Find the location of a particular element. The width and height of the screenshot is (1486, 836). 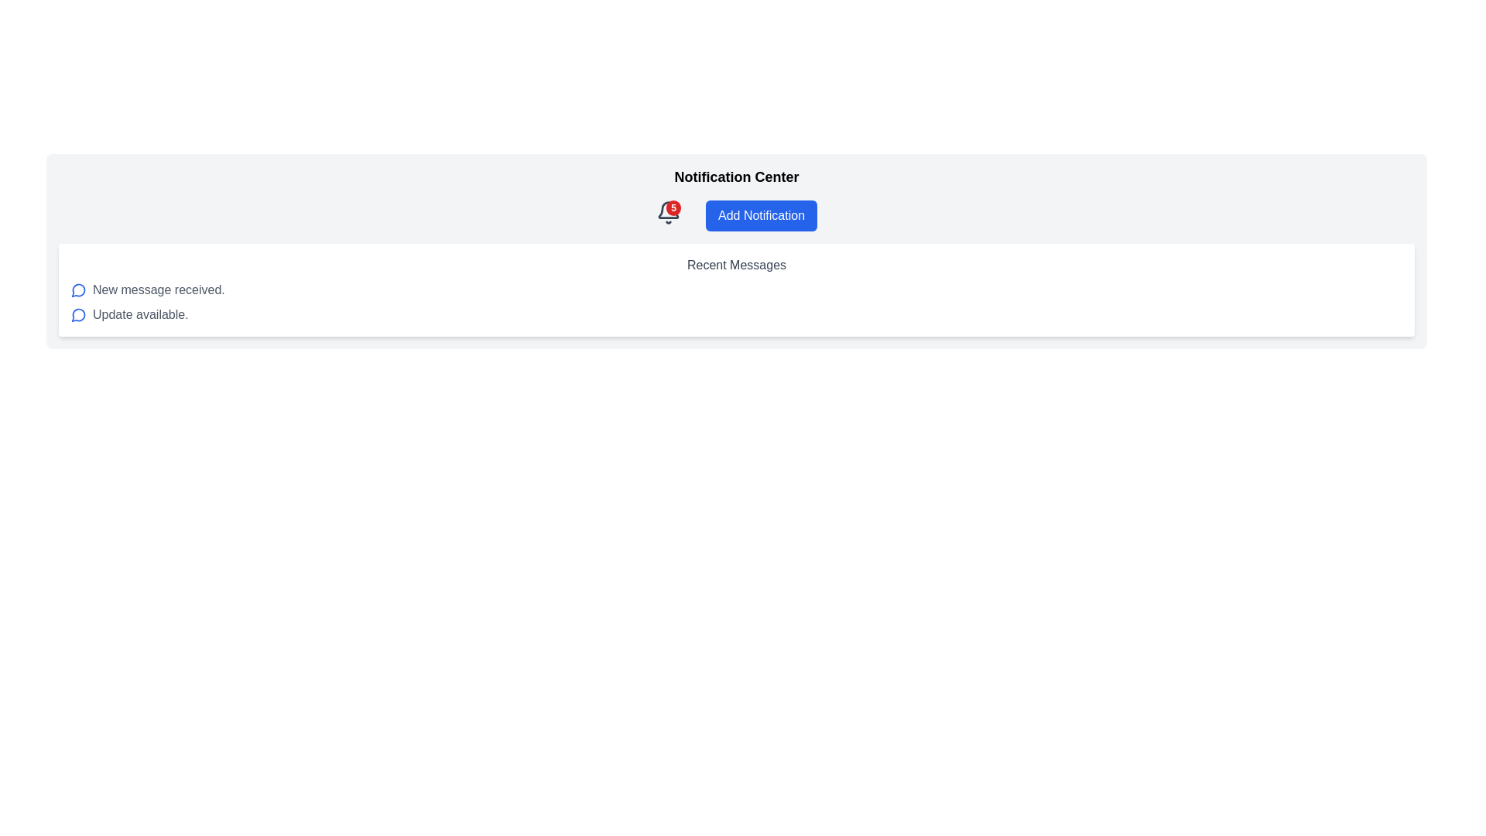

the notification count by clicking on the Notification Badge located over the top-right corner of the bell icon in the Notification Center is located at coordinates (669, 215).